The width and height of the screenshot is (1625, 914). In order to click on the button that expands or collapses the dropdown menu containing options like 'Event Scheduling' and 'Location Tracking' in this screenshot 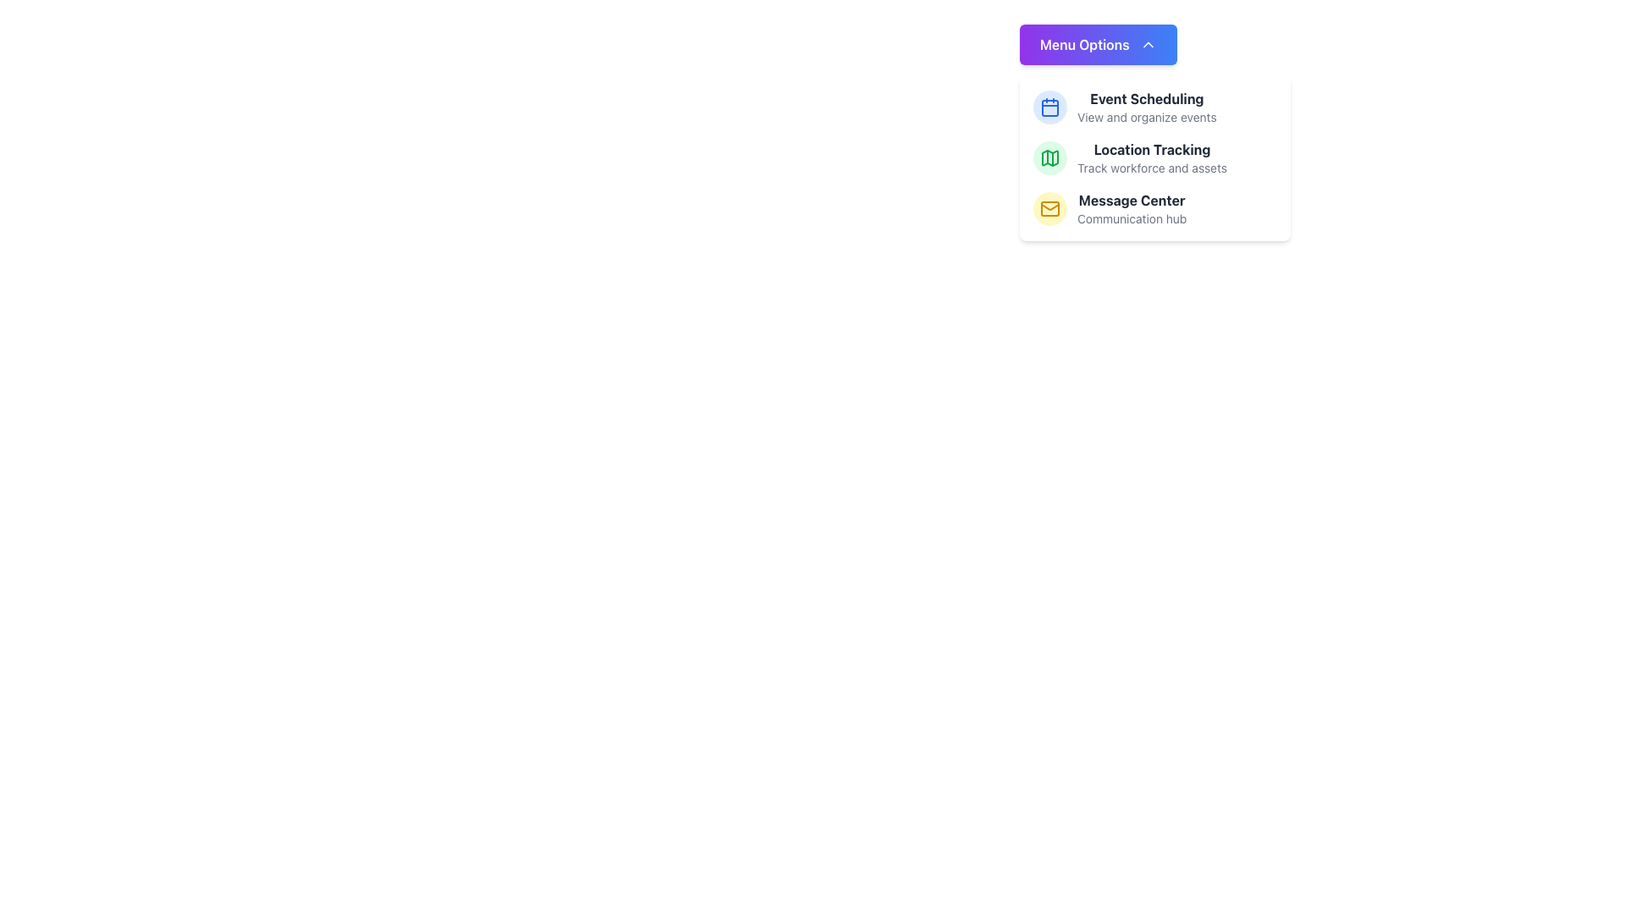, I will do `click(1098, 44)`.